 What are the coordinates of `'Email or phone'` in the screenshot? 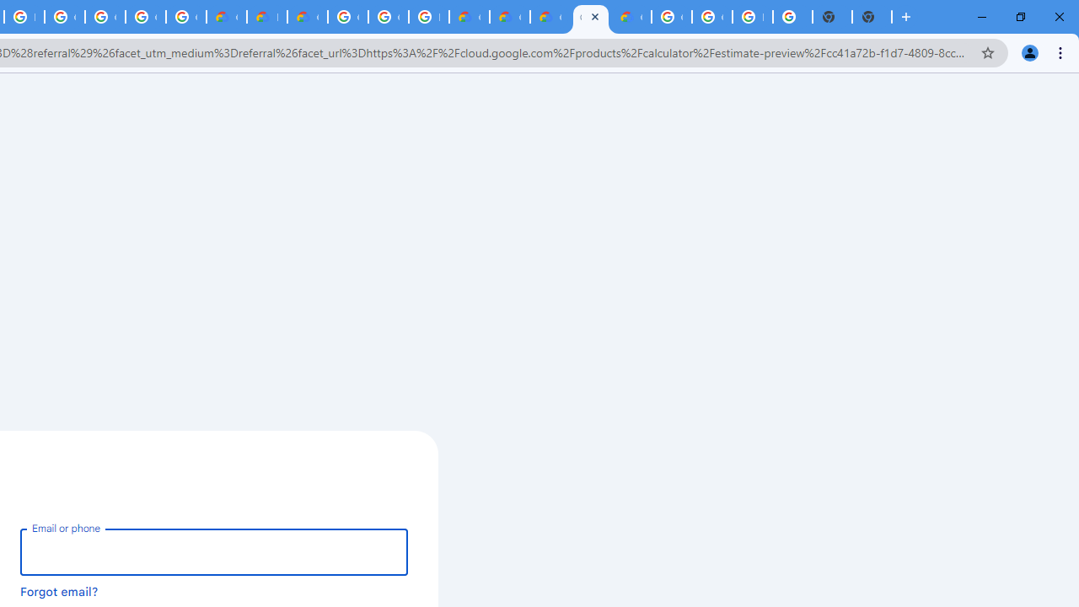 It's located at (213, 551).